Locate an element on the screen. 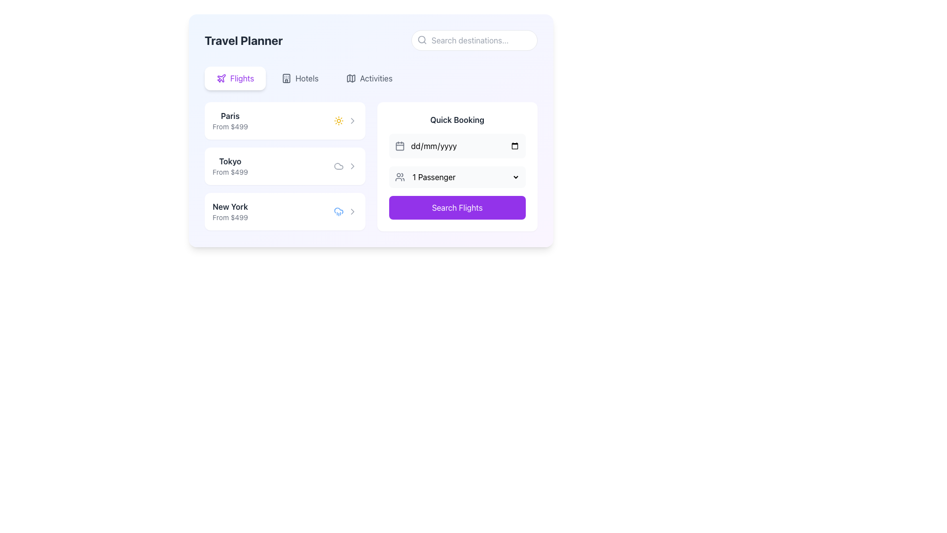 The width and height of the screenshot is (947, 533). the 'Flights' text element is located at coordinates (242, 77).